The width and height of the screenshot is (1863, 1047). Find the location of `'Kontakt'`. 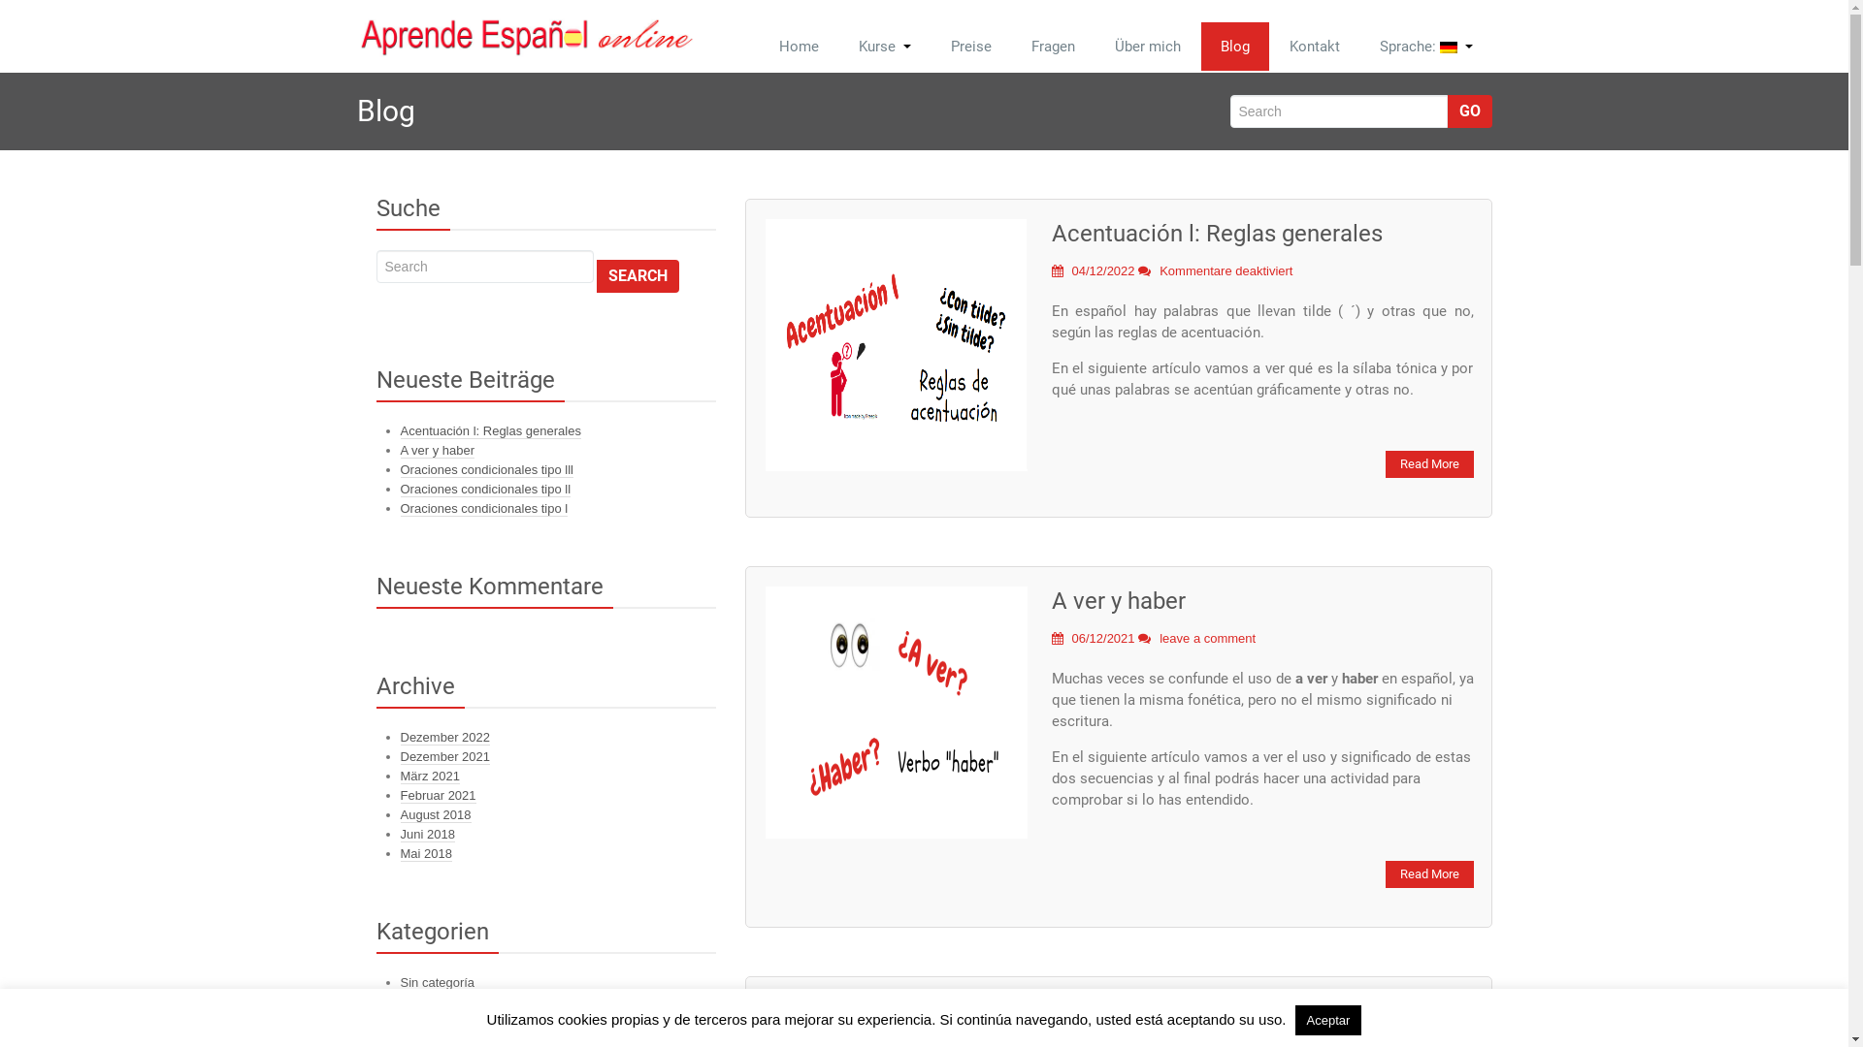

'Kontakt' is located at coordinates (1313, 45).